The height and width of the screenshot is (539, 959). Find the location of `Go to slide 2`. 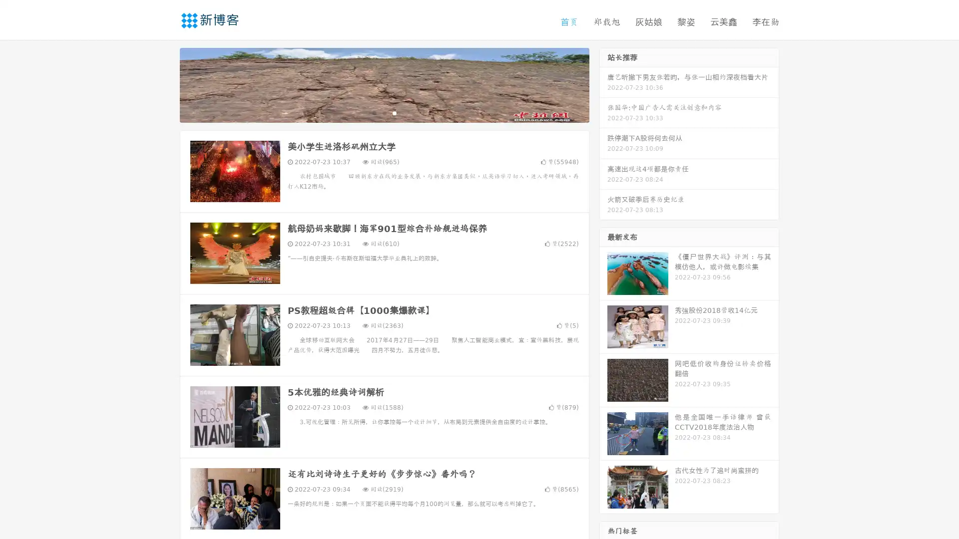

Go to slide 2 is located at coordinates (384, 112).